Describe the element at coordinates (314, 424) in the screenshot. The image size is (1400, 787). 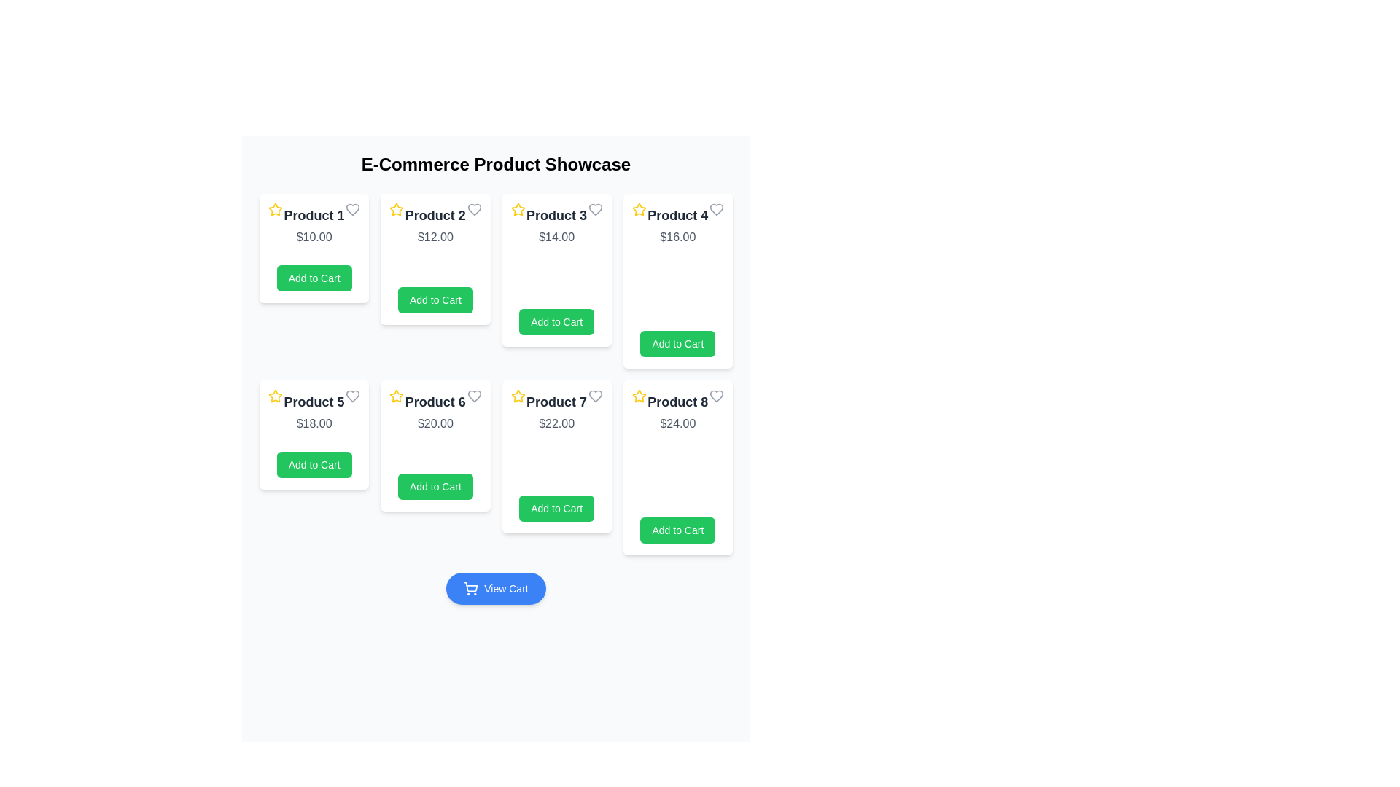
I see `the static text display showing the price '$18.00' located within the card labeled 'Product 5', positioned below the product name and above the 'Add to Cart' button` at that location.